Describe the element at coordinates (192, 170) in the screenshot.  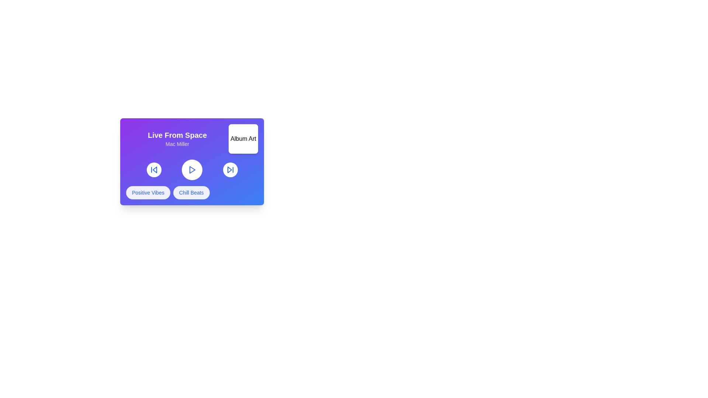
I see `the play button located at the center of the three-button control section` at that location.